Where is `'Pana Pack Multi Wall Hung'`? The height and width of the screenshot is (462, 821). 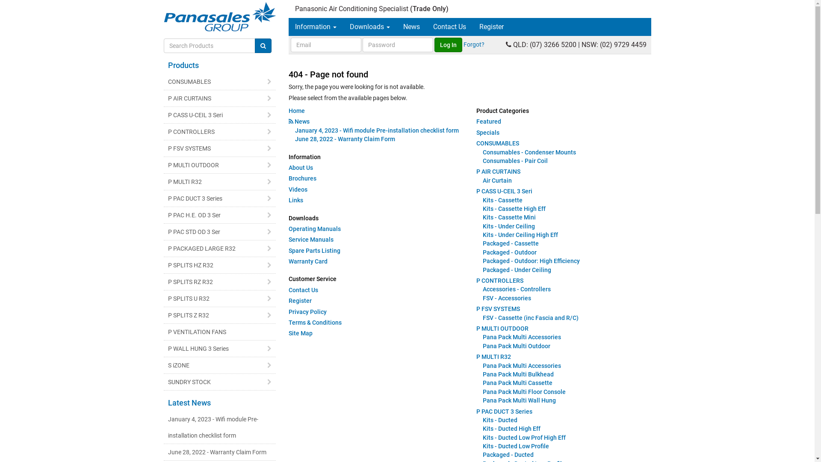
'Pana Pack Multi Wall Hung' is located at coordinates (519, 400).